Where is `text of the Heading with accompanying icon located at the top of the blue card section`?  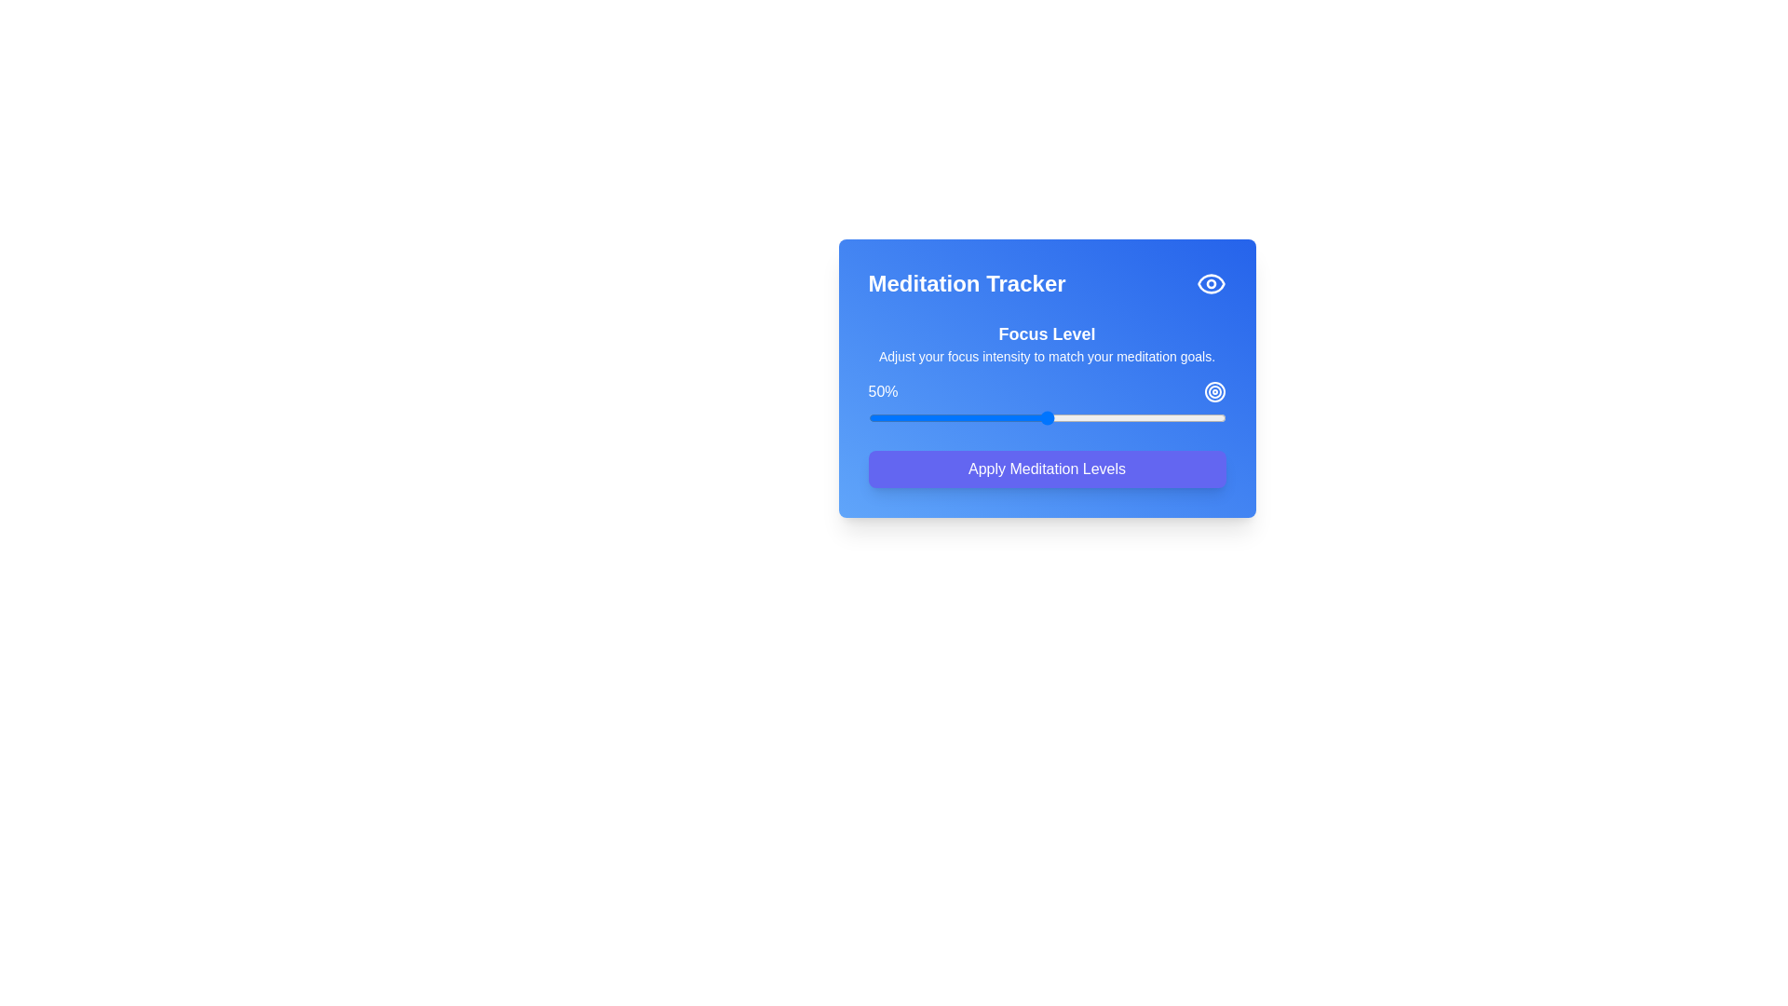
text of the Heading with accompanying icon located at the top of the blue card section is located at coordinates (1047, 283).